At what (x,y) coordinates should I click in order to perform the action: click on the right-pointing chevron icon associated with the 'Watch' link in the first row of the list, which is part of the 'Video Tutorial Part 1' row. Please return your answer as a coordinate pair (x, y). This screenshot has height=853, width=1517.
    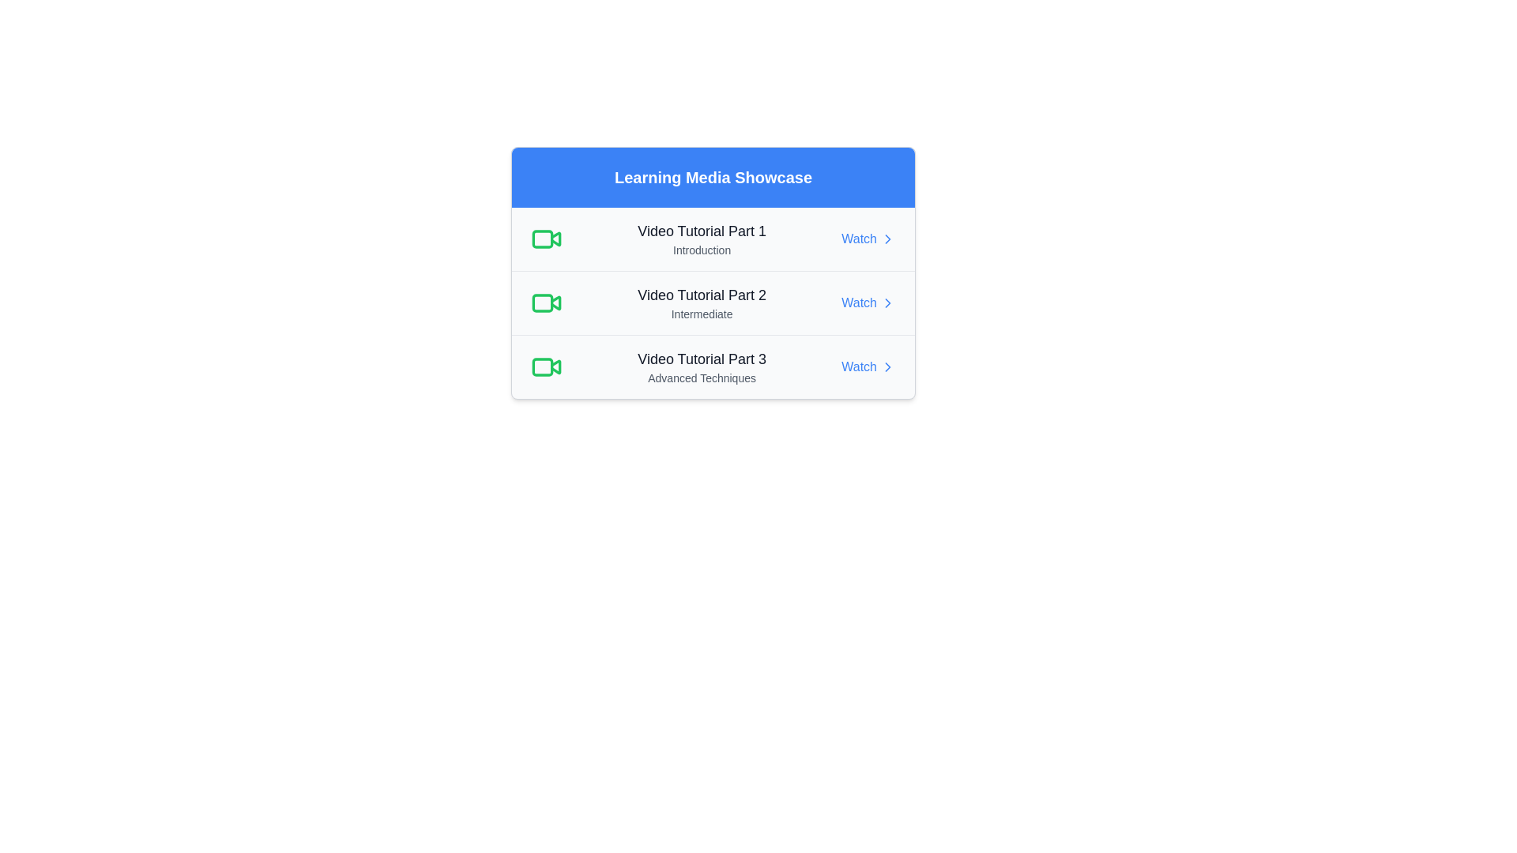
    Looking at the image, I should click on (887, 239).